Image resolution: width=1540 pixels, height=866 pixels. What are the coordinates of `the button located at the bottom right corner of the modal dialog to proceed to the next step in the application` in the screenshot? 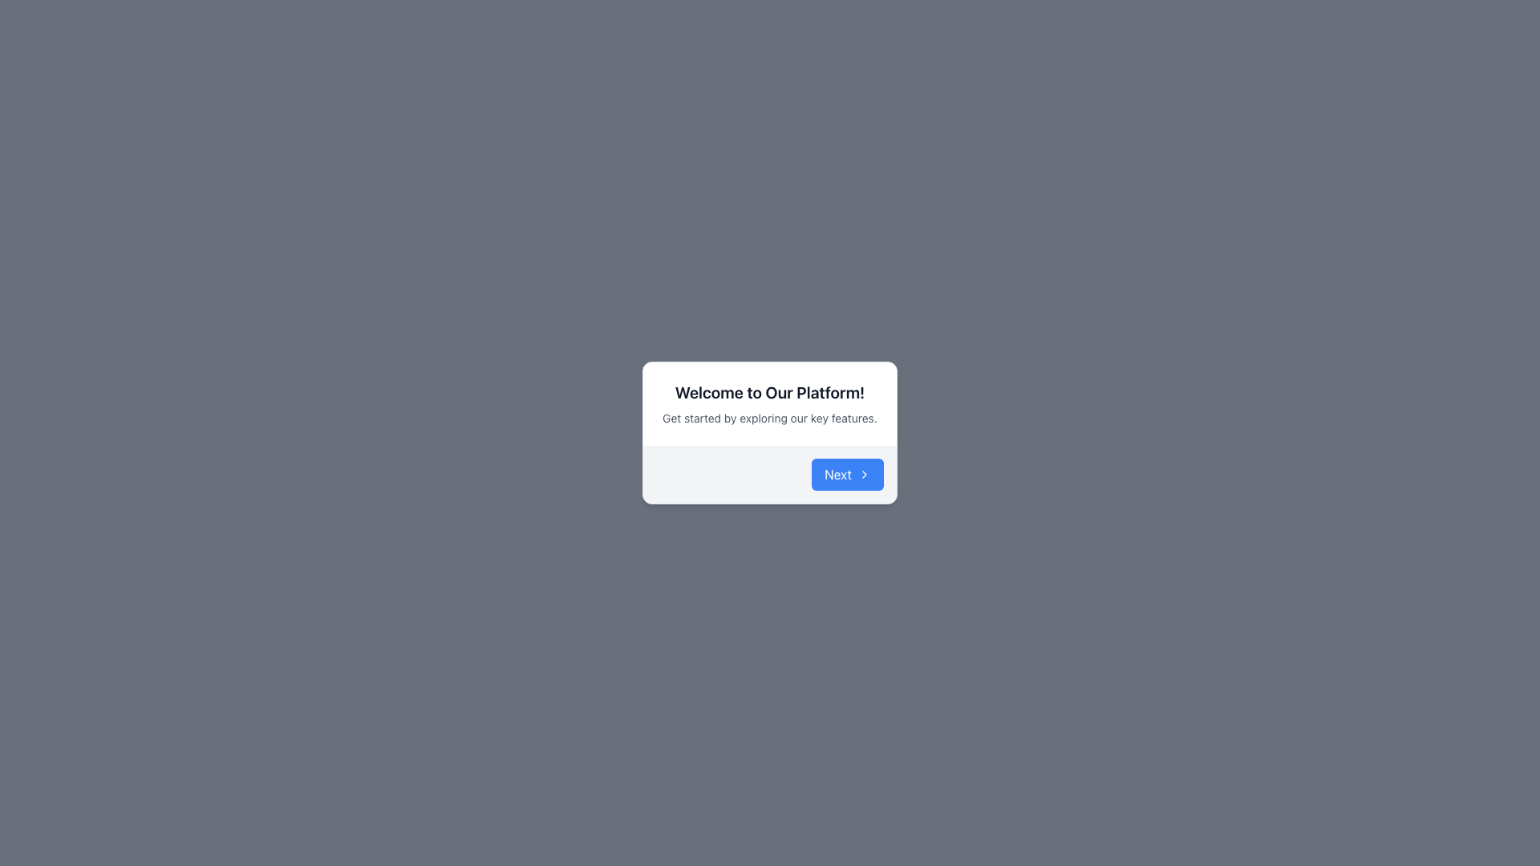 It's located at (846, 473).